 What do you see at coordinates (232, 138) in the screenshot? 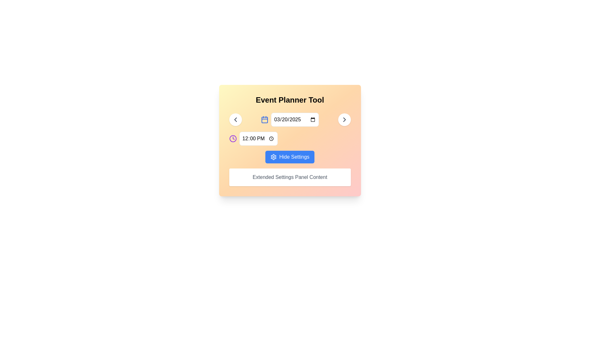
I see `the circular outline of the clock icon located left of the '12:00 PM' input field in the 'Event Planner Tool' interface` at bounding box center [232, 138].